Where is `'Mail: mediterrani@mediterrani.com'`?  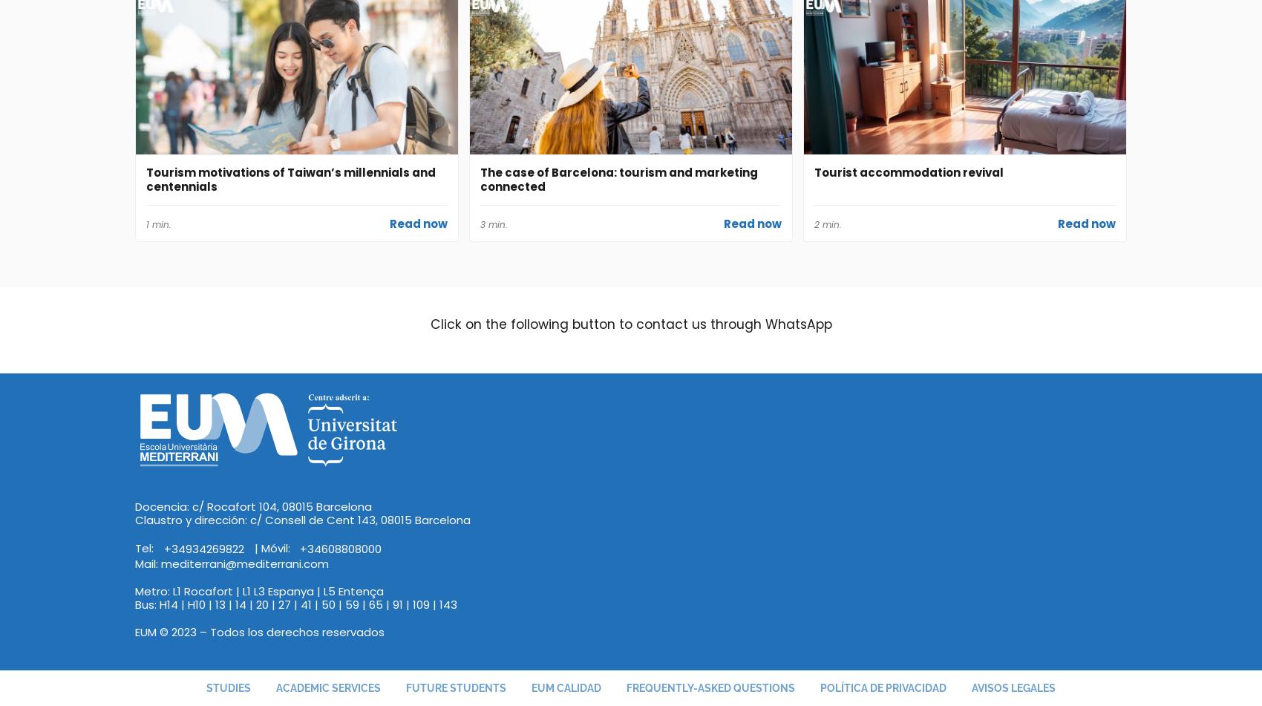 'Mail: mediterrani@mediterrani.com' is located at coordinates (232, 563).